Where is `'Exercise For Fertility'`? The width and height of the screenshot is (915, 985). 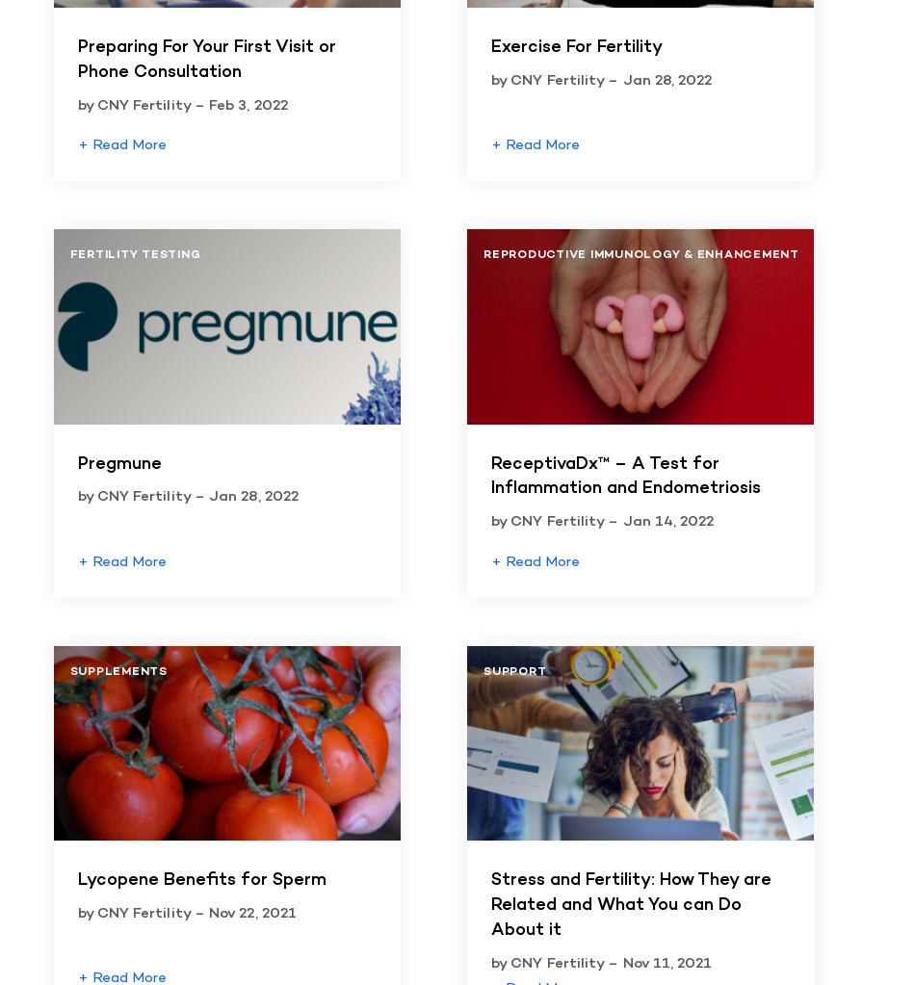
'Exercise For Fertility' is located at coordinates (576, 47).